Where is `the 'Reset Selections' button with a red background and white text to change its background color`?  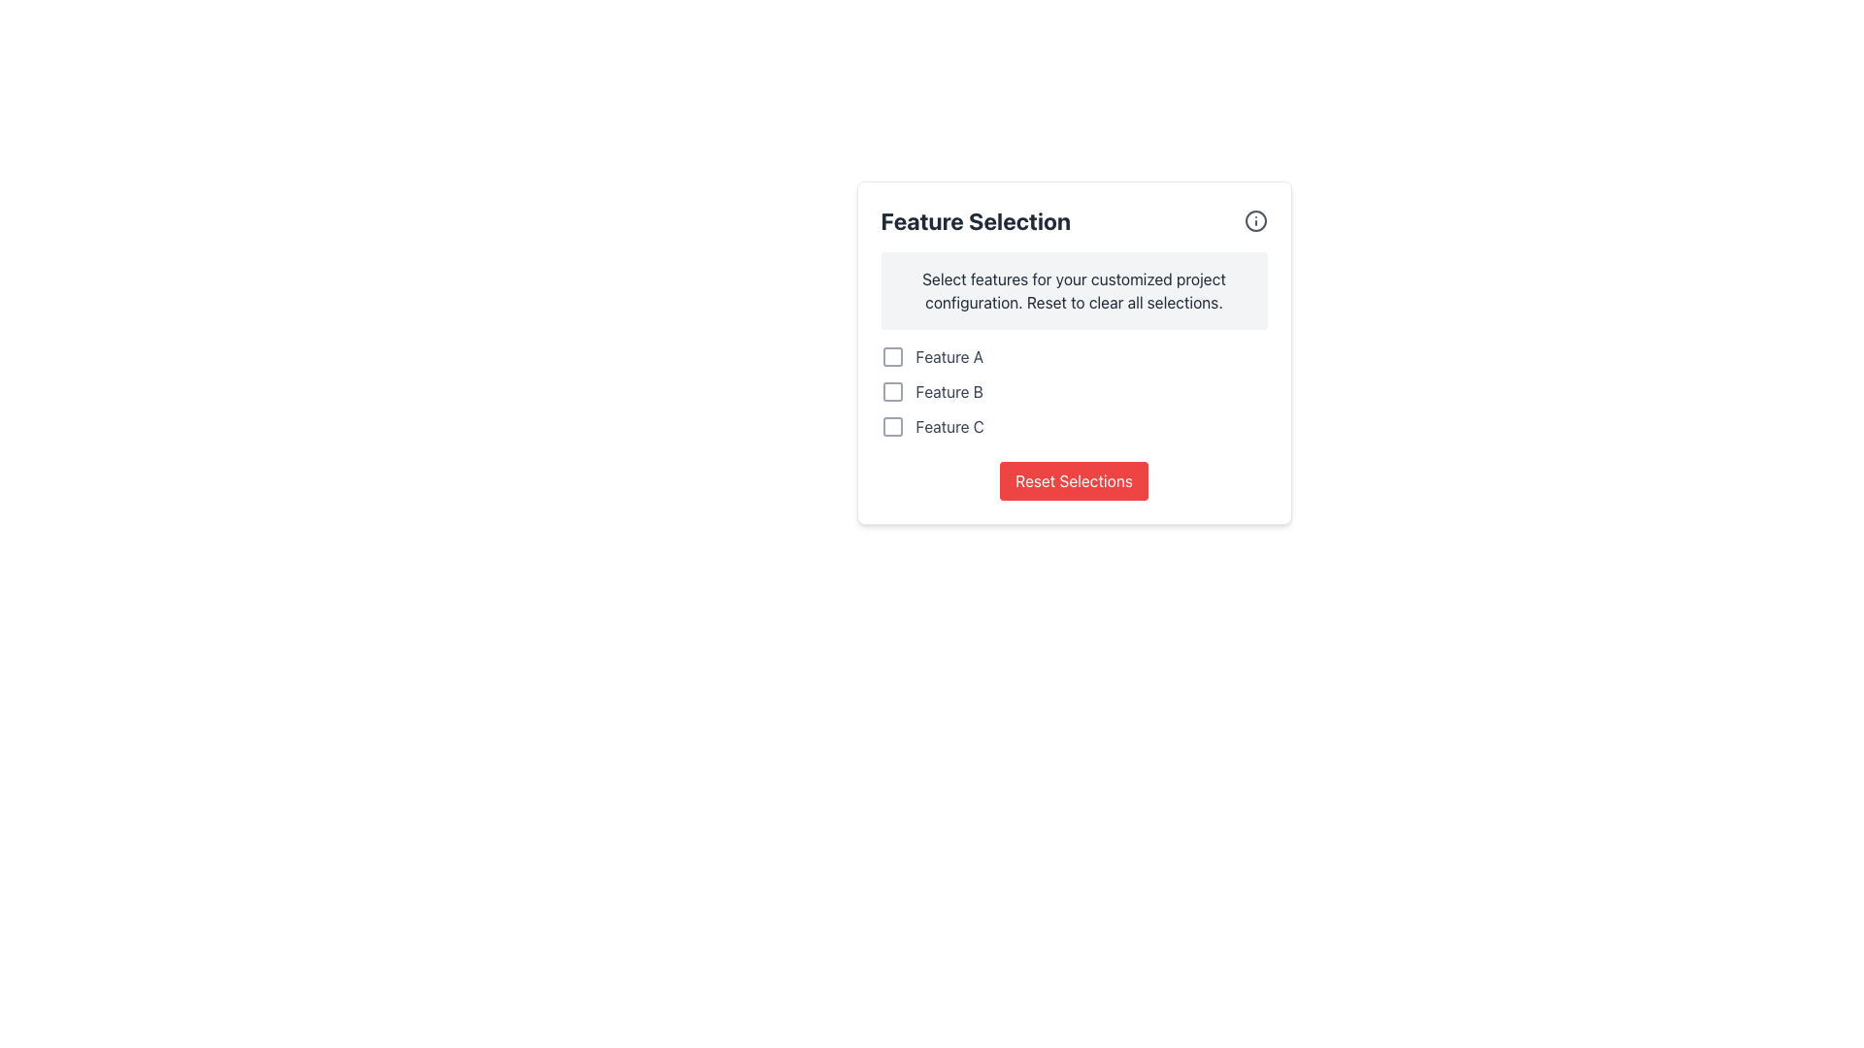 the 'Reset Selections' button with a red background and white text to change its background color is located at coordinates (1073, 480).